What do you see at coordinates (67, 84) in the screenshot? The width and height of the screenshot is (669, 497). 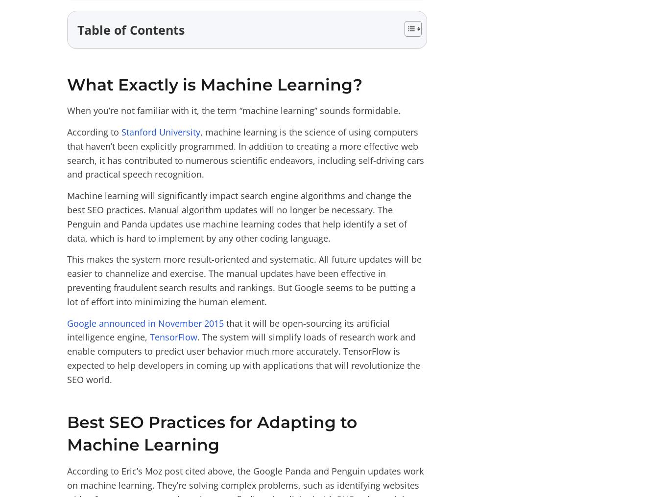 I see `'What Exactly is Machine Learning?'` at bounding box center [67, 84].